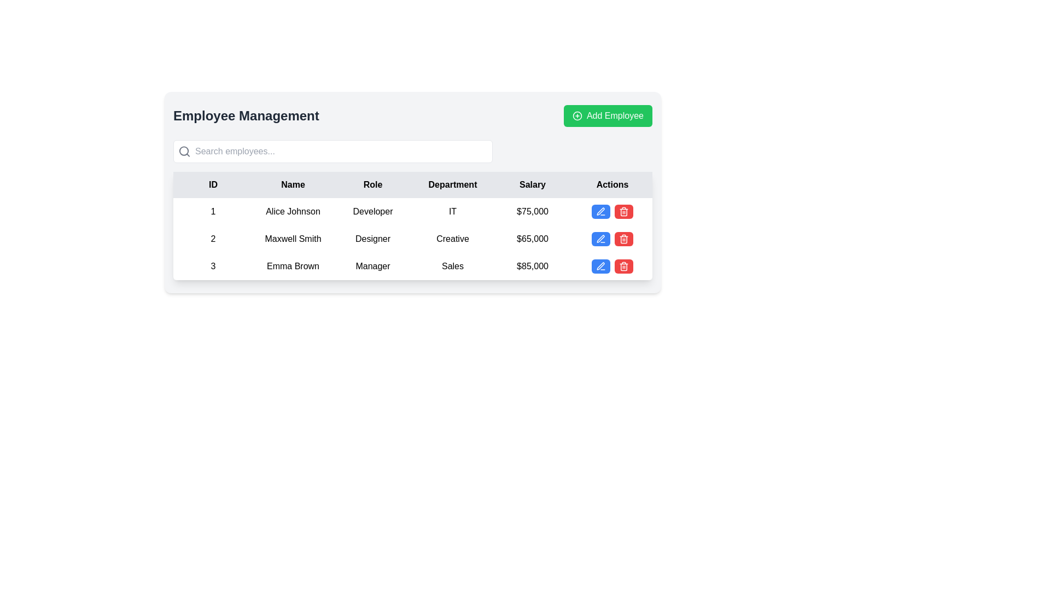  I want to click on the 'Name' column header in the table, which is the second column header with a light gray background and bold black text, so click(293, 184).